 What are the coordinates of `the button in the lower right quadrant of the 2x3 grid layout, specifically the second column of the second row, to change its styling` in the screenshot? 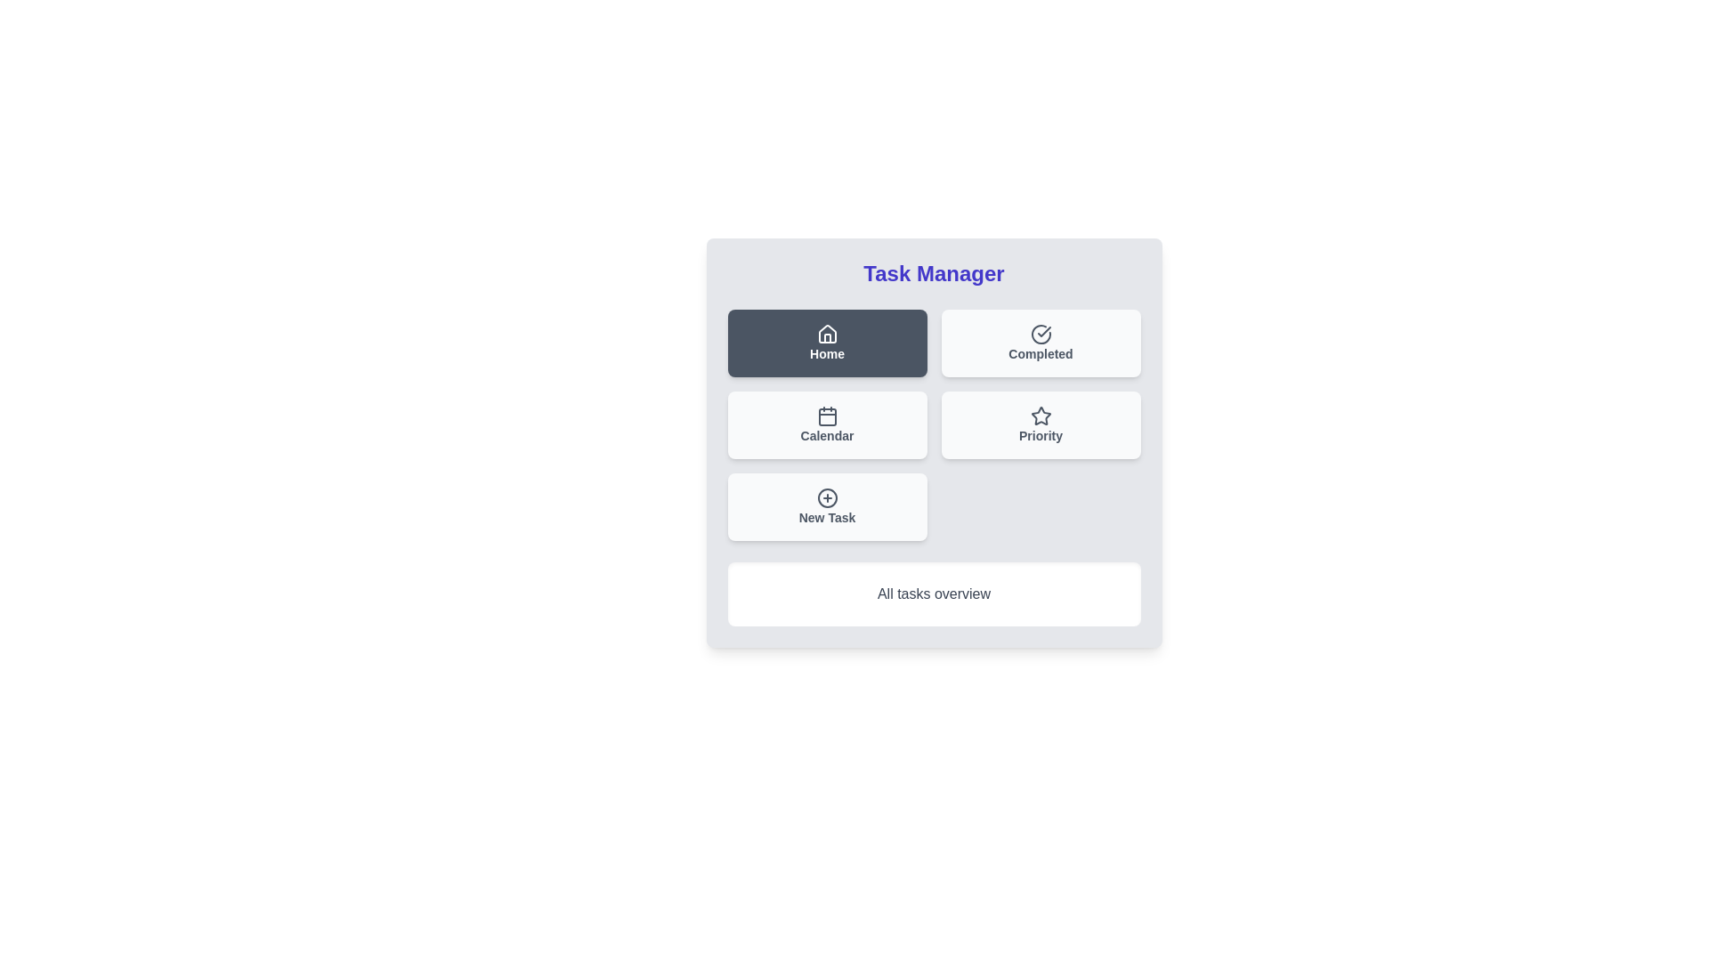 It's located at (1041, 425).